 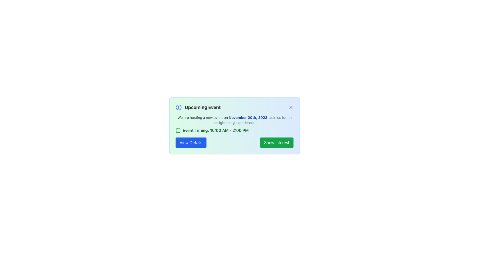 I want to click on the alert icon styled with a circle and exclamation mark, located to the left of the 'Upcoming Event' label, so click(x=179, y=107).